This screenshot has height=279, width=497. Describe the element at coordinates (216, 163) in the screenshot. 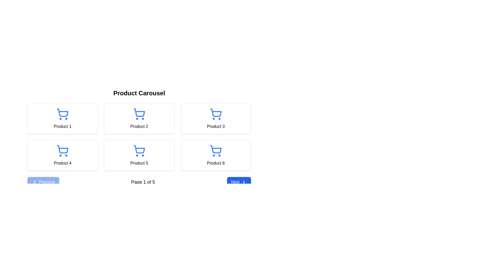

I see `the Text label that represents the name or title of the displayed product, located in the bottom-right corner of the grid section, corresponding to the sixth item in the grid` at that location.